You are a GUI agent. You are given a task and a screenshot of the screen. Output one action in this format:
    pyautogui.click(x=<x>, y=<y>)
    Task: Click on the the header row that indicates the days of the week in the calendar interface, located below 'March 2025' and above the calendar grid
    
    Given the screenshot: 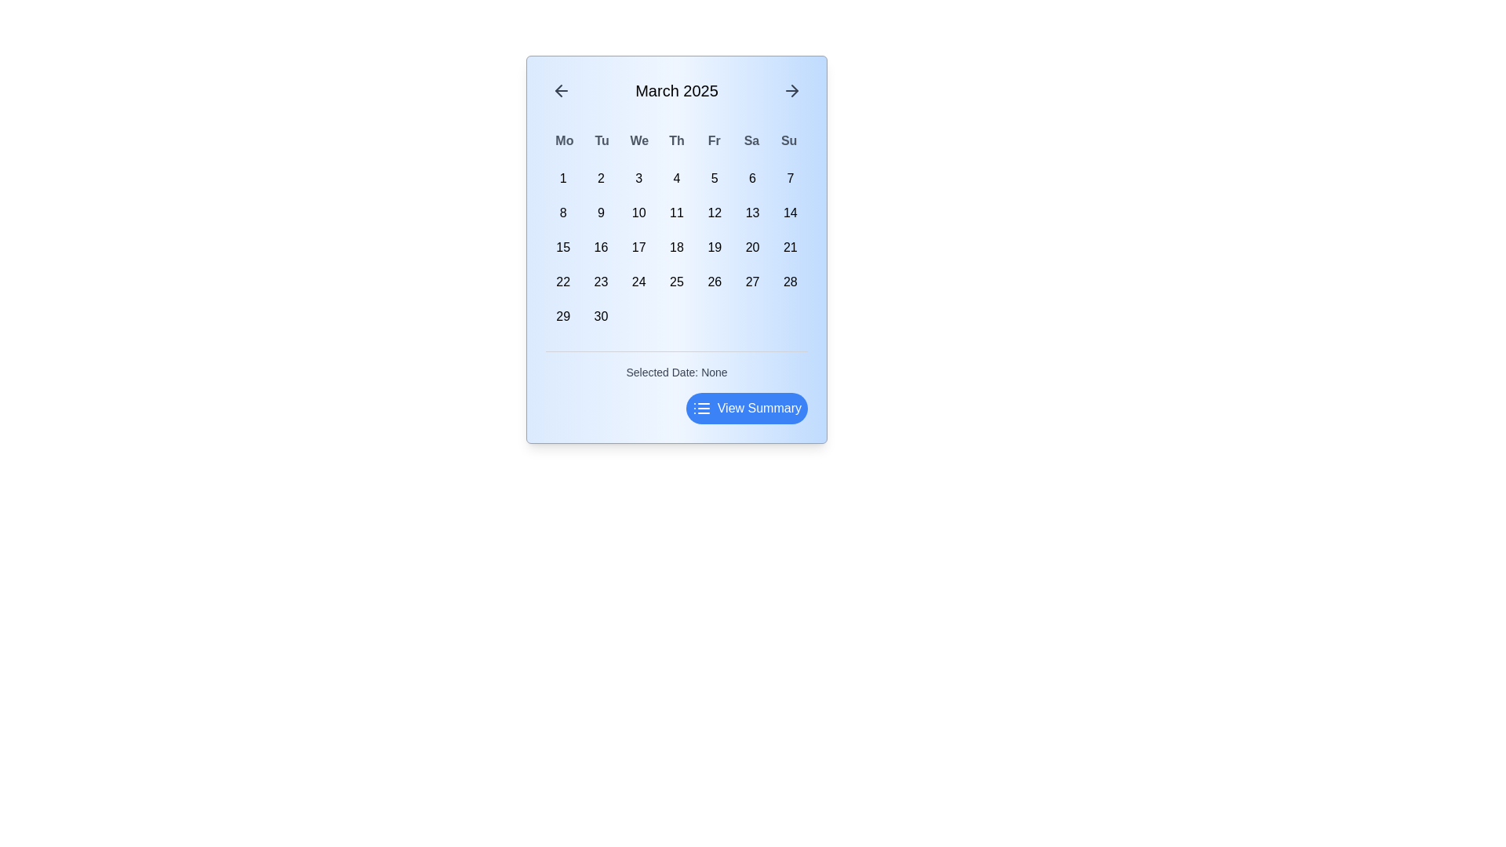 What is the action you would take?
    pyautogui.click(x=677, y=141)
    